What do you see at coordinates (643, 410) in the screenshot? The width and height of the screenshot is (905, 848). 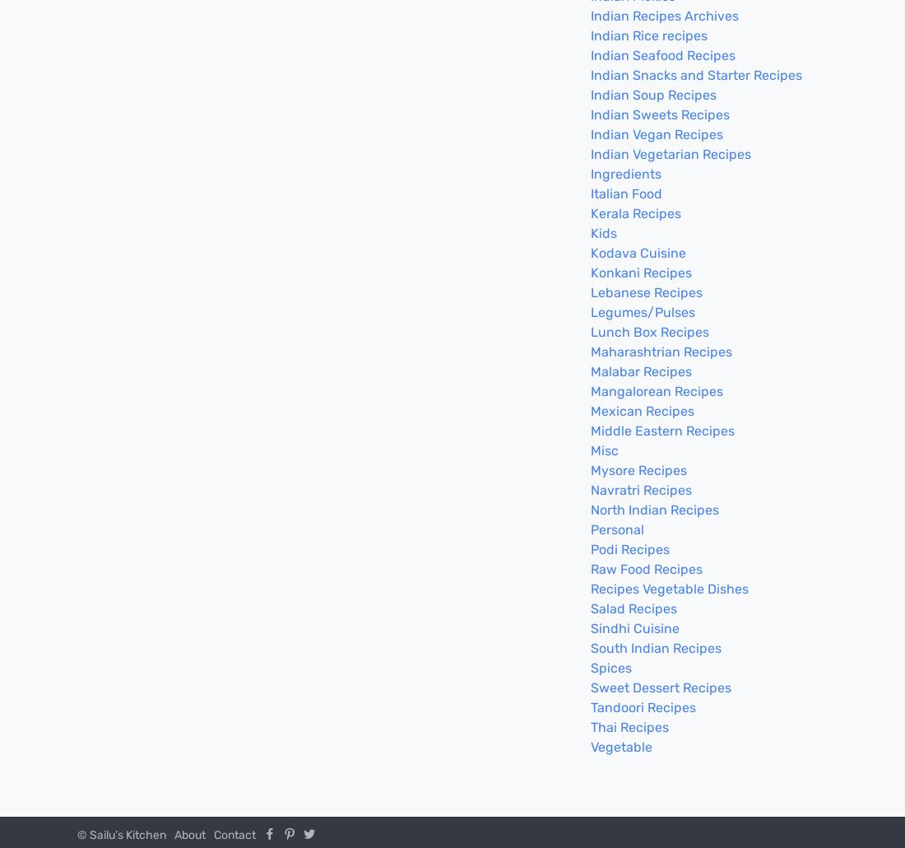 I see `'Mexican Recipes'` at bounding box center [643, 410].